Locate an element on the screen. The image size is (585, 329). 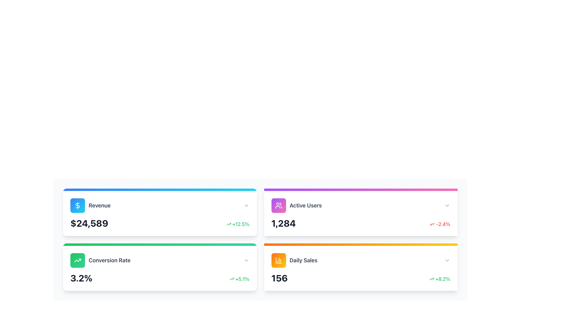
the user icon located in the upper-center part of the second information card in the second row, titled 'Active Users', which is positioned to the left of the 'Active Users' text is located at coordinates (278, 206).